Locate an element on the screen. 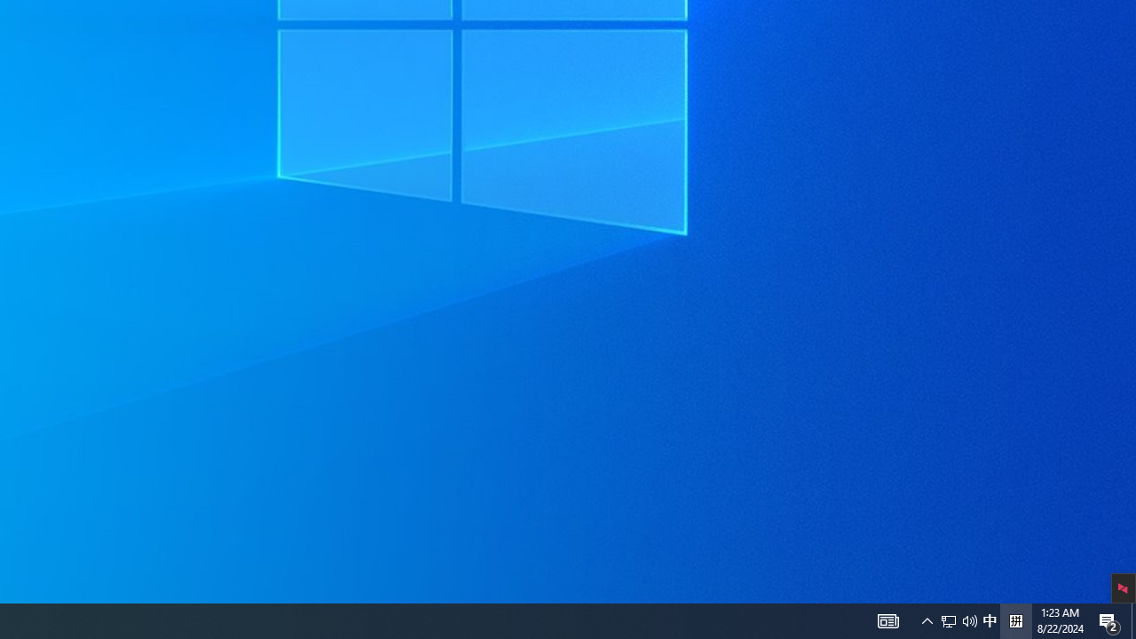 The height and width of the screenshot is (639, 1136). 'Notification Chevron' is located at coordinates (927, 619).